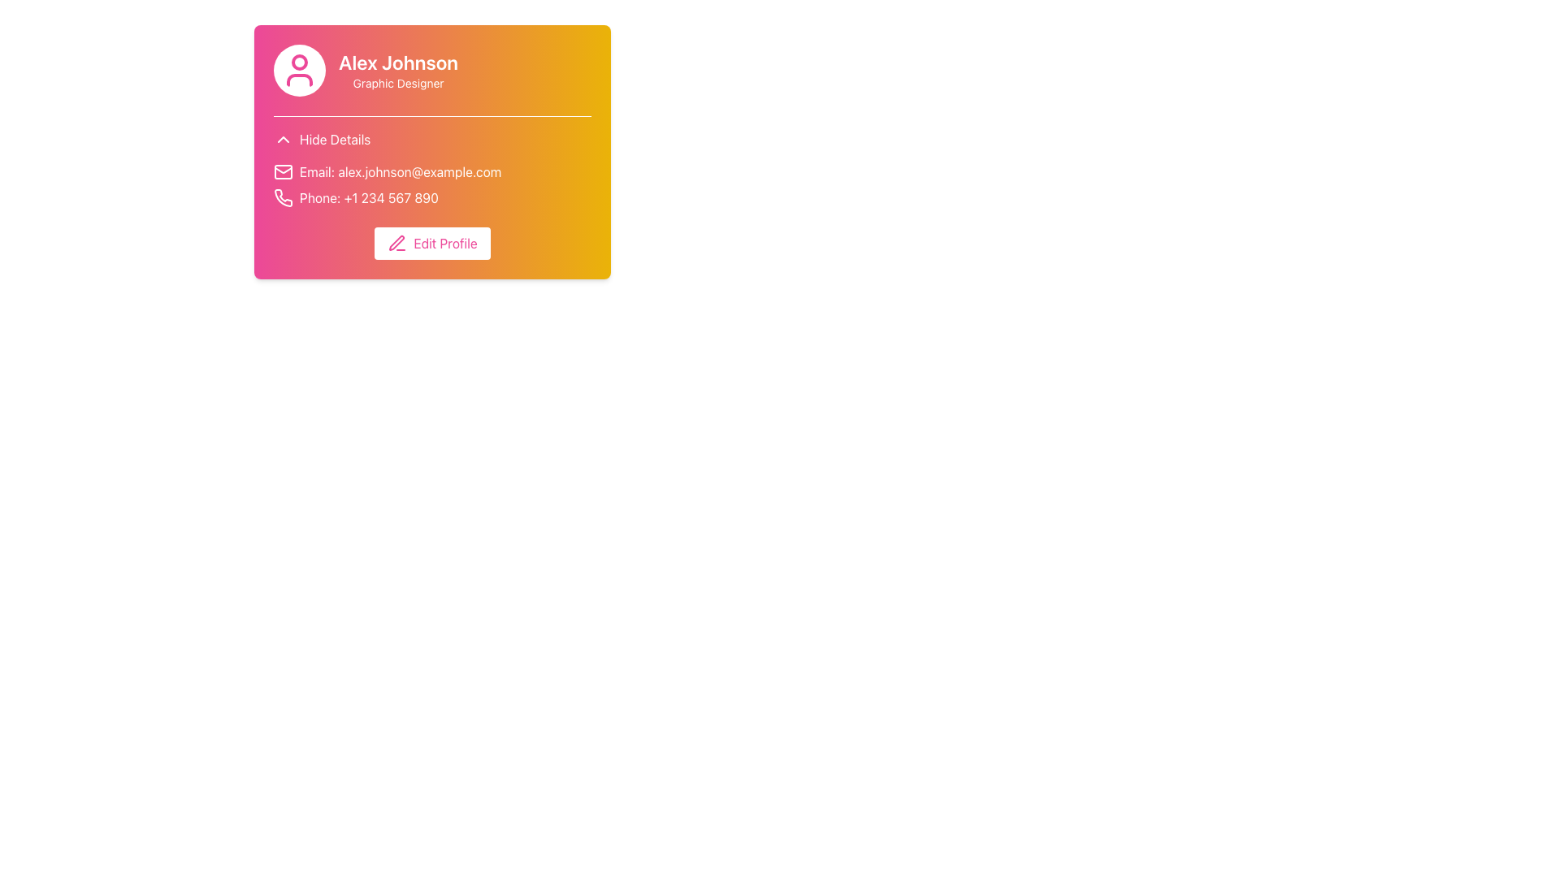  What do you see at coordinates (284, 172) in the screenshot?
I see `the inner envelope of the mail icon located centrally within the user detail card above the contact information to initiate potential actions` at bounding box center [284, 172].